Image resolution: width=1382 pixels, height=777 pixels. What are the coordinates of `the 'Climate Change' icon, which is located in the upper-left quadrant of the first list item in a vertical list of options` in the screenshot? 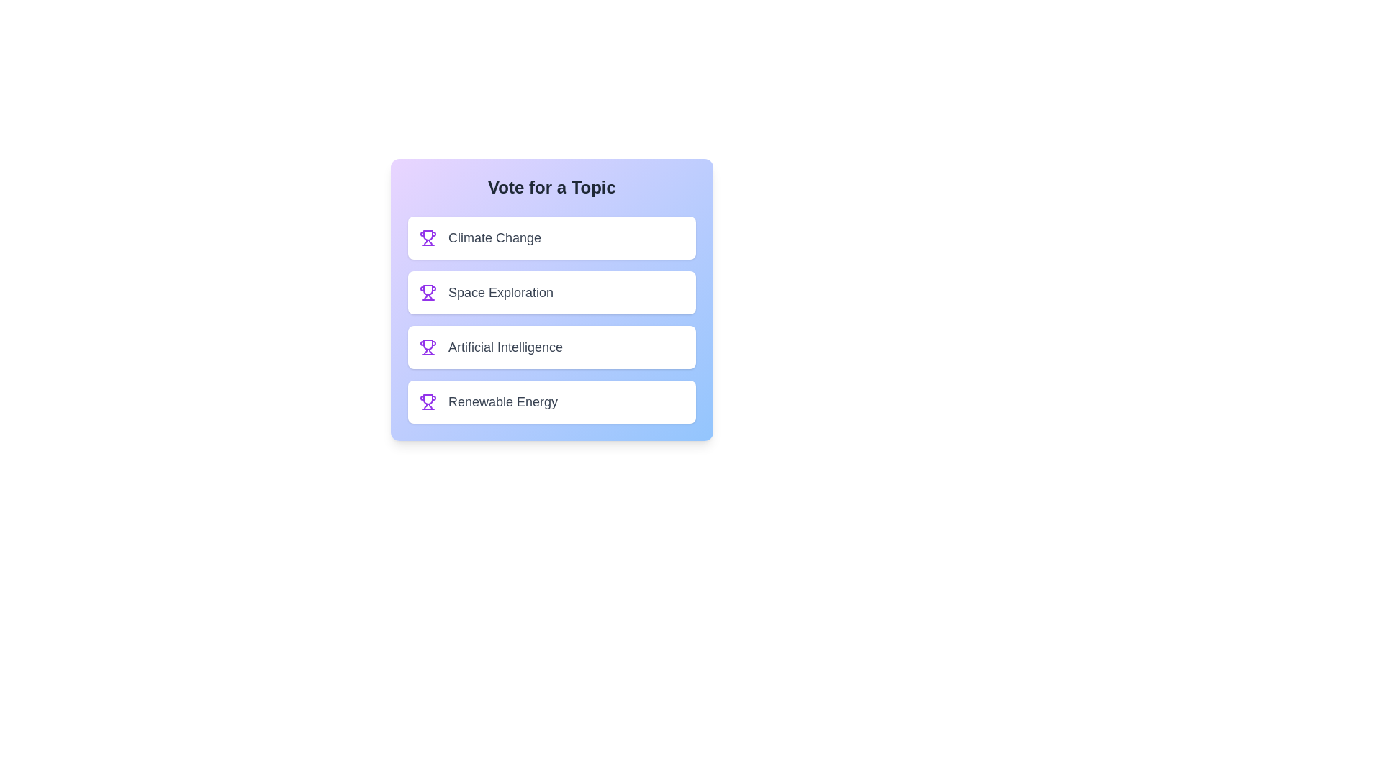 It's located at (428, 235).